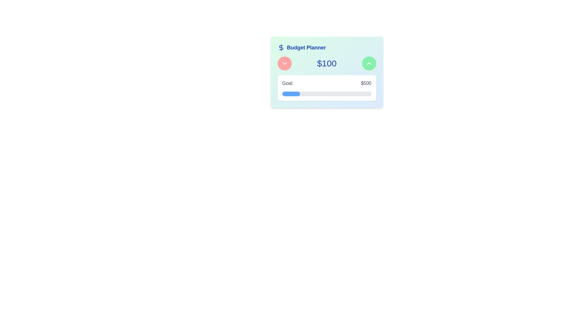 The image size is (563, 316). Describe the element at coordinates (326, 93) in the screenshot. I see `the ProgressBar element that visually represents progress towards a budget goal, located below the text 'Goal: $500'` at that location.